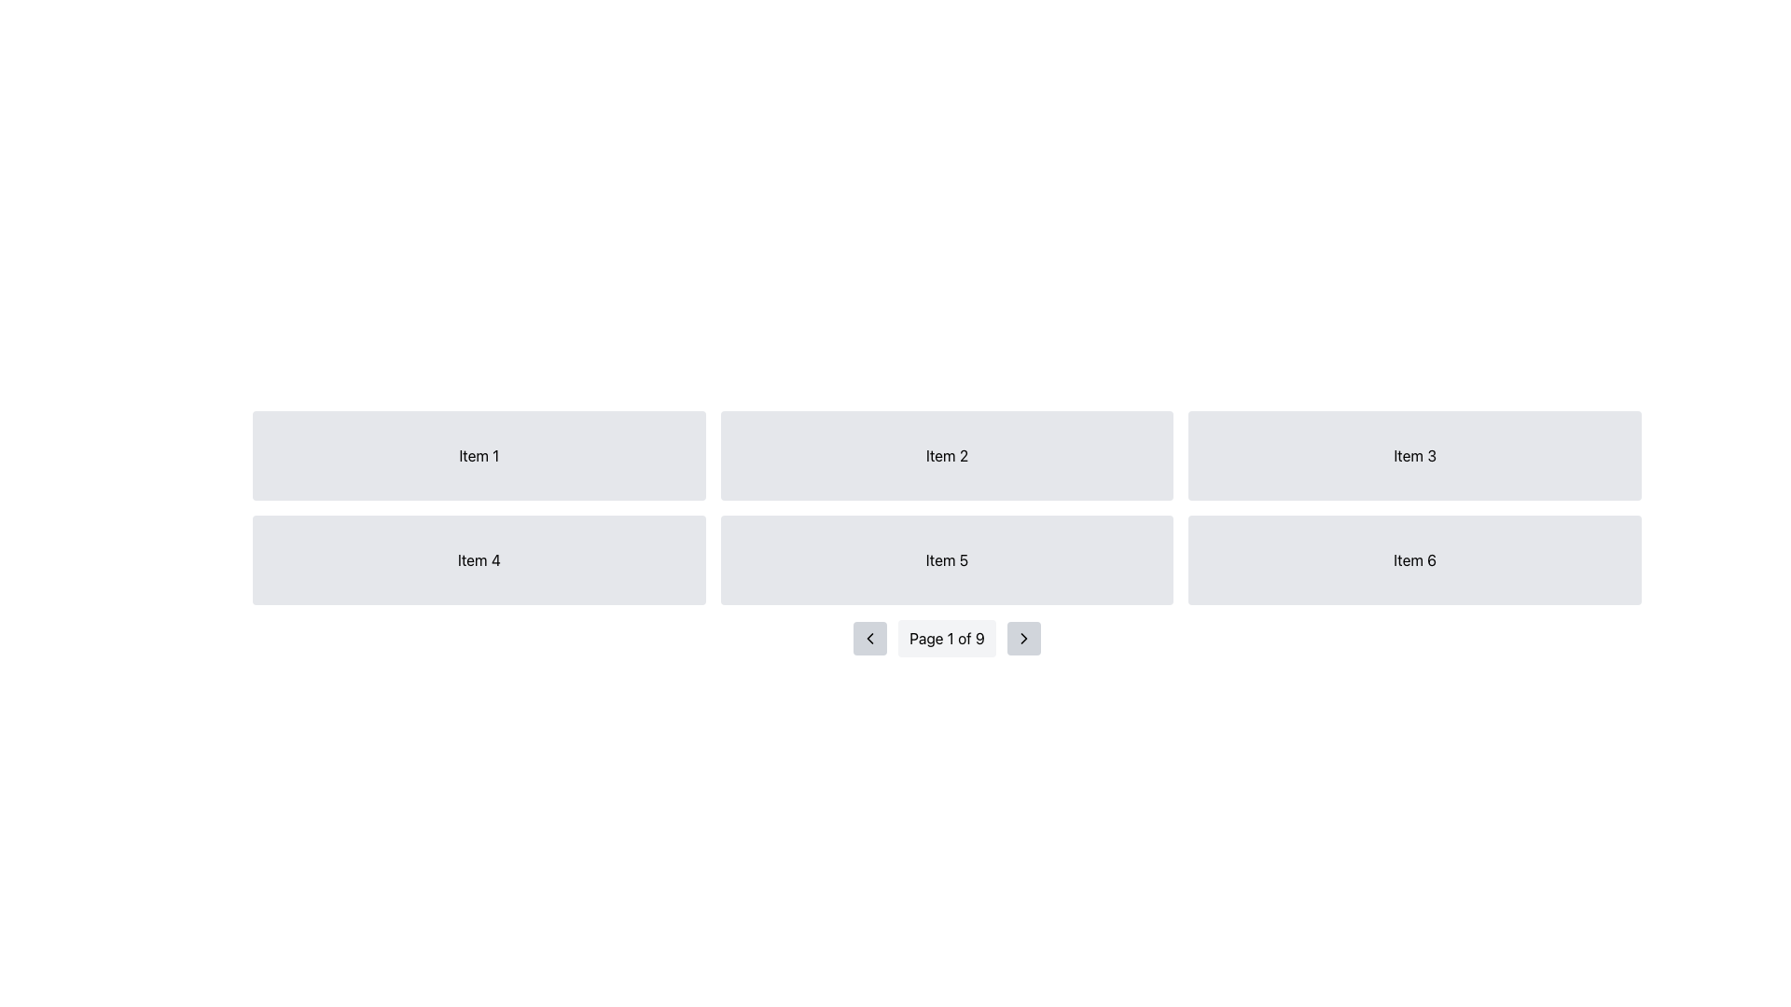 The width and height of the screenshot is (1791, 1007). What do you see at coordinates (1022, 638) in the screenshot?
I see `the 'next' navigation arrow icon located in the pagination controls at the bottom-center of the interface` at bounding box center [1022, 638].